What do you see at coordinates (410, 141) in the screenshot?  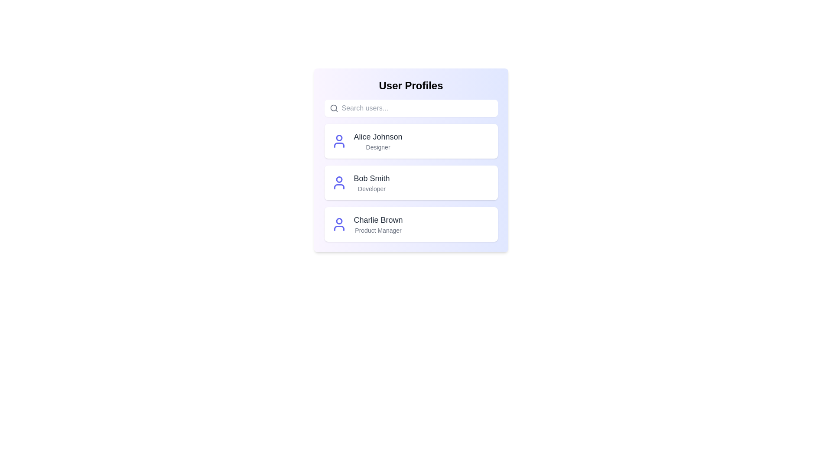 I see `the user profile of Alice Johnson to focus on it` at bounding box center [410, 141].